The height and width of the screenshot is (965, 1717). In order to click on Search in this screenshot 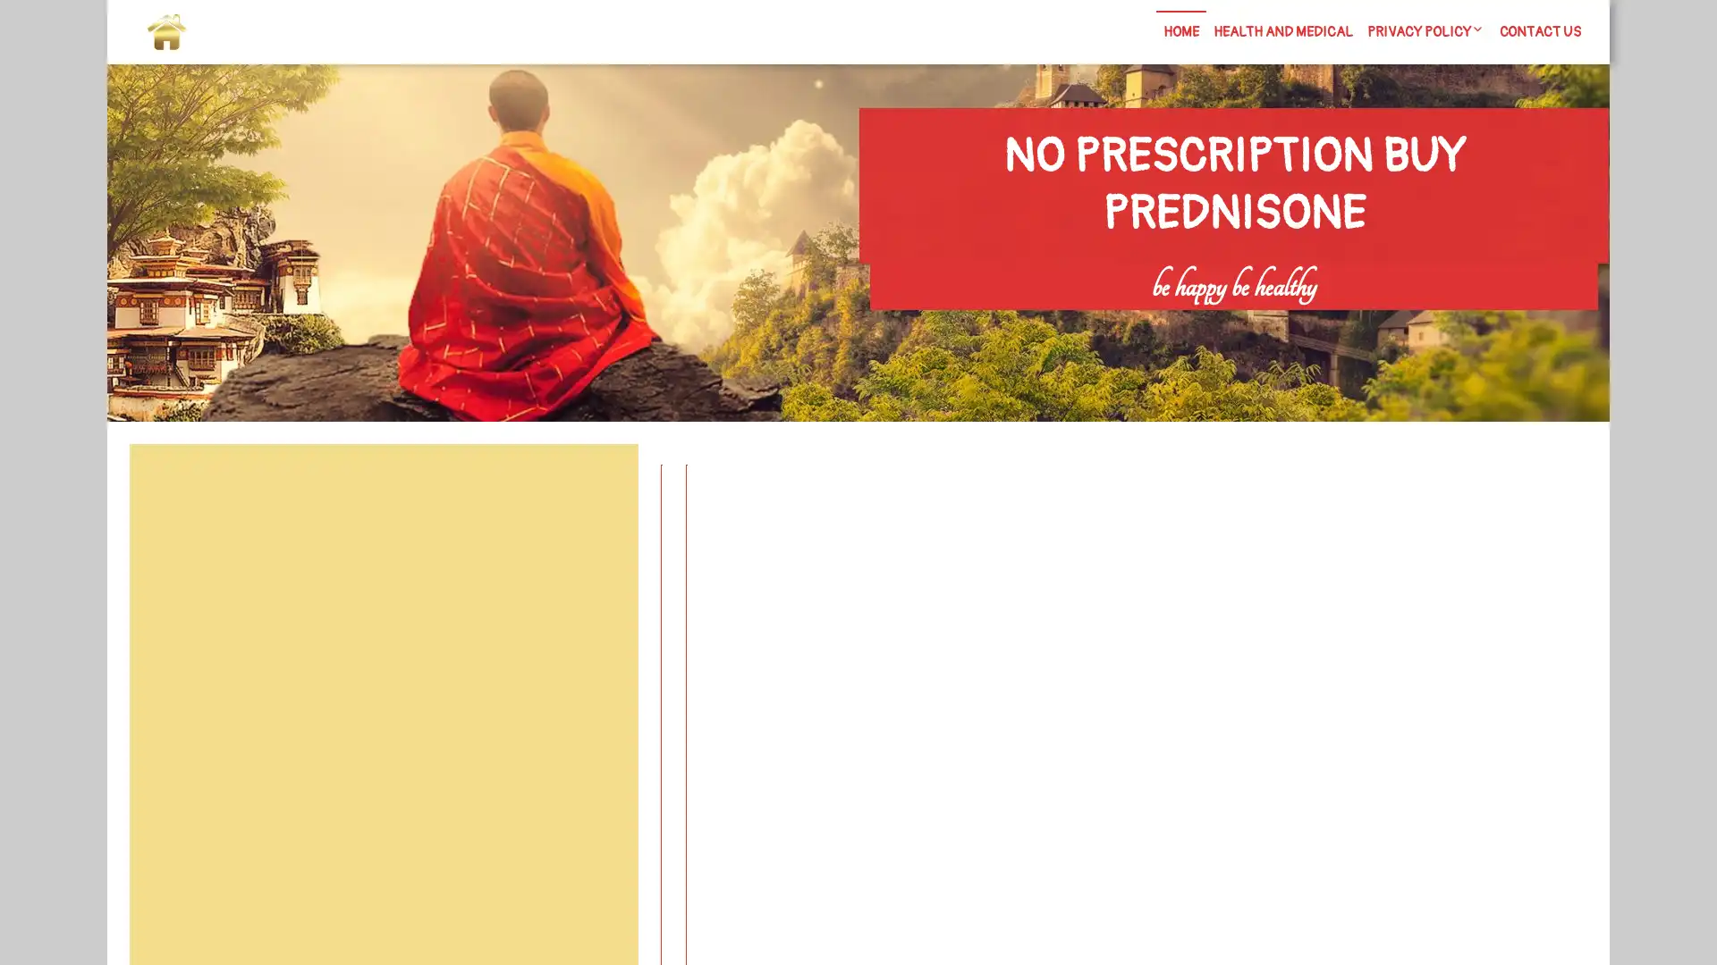, I will do `click(1392, 323)`.